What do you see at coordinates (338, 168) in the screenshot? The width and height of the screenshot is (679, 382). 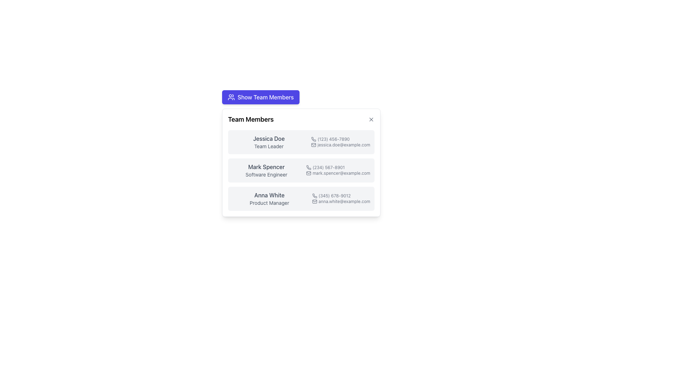 I see `the text element displaying the phone number of Mark Spencer, located in the second row of the team members' contact details list` at bounding box center [338, 168].